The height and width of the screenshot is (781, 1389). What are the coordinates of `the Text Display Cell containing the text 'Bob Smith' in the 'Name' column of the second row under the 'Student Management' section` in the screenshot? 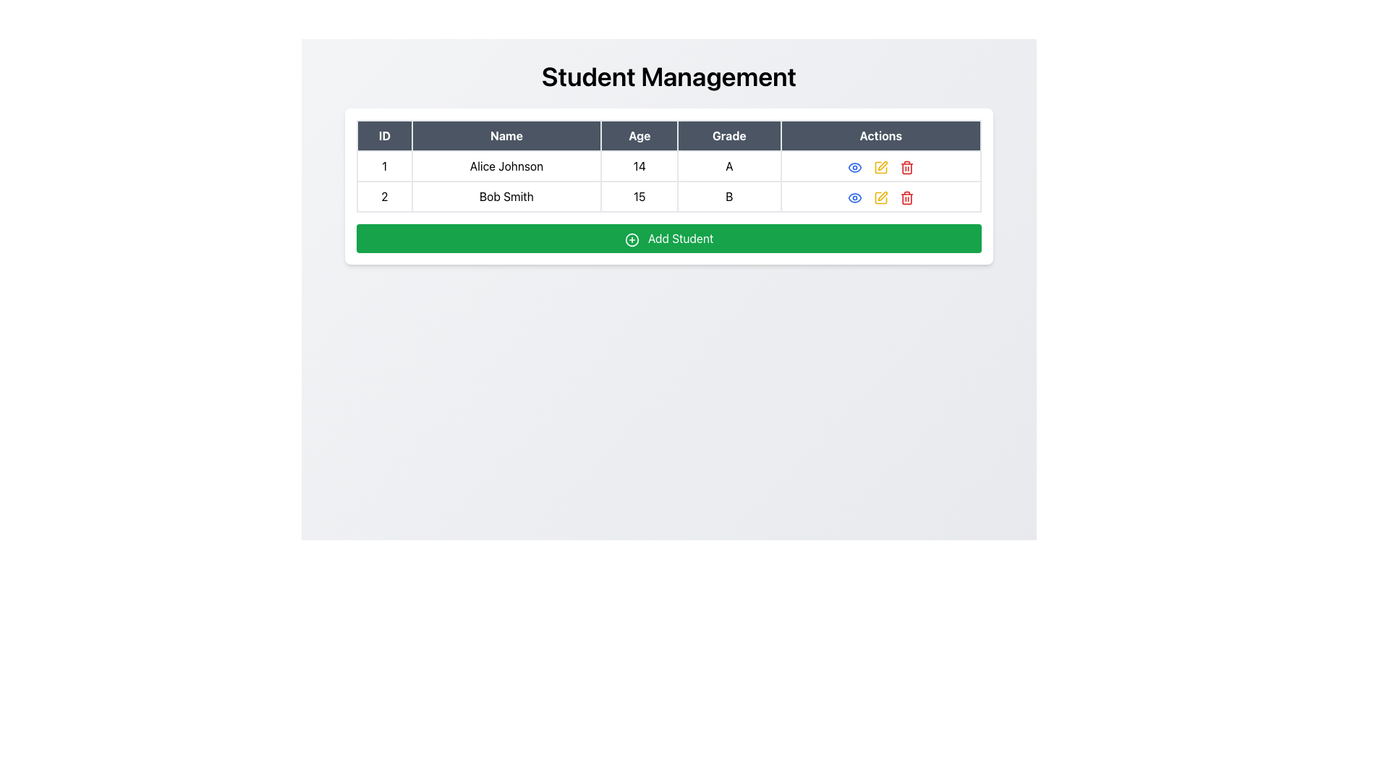 It's located at (506, 197).